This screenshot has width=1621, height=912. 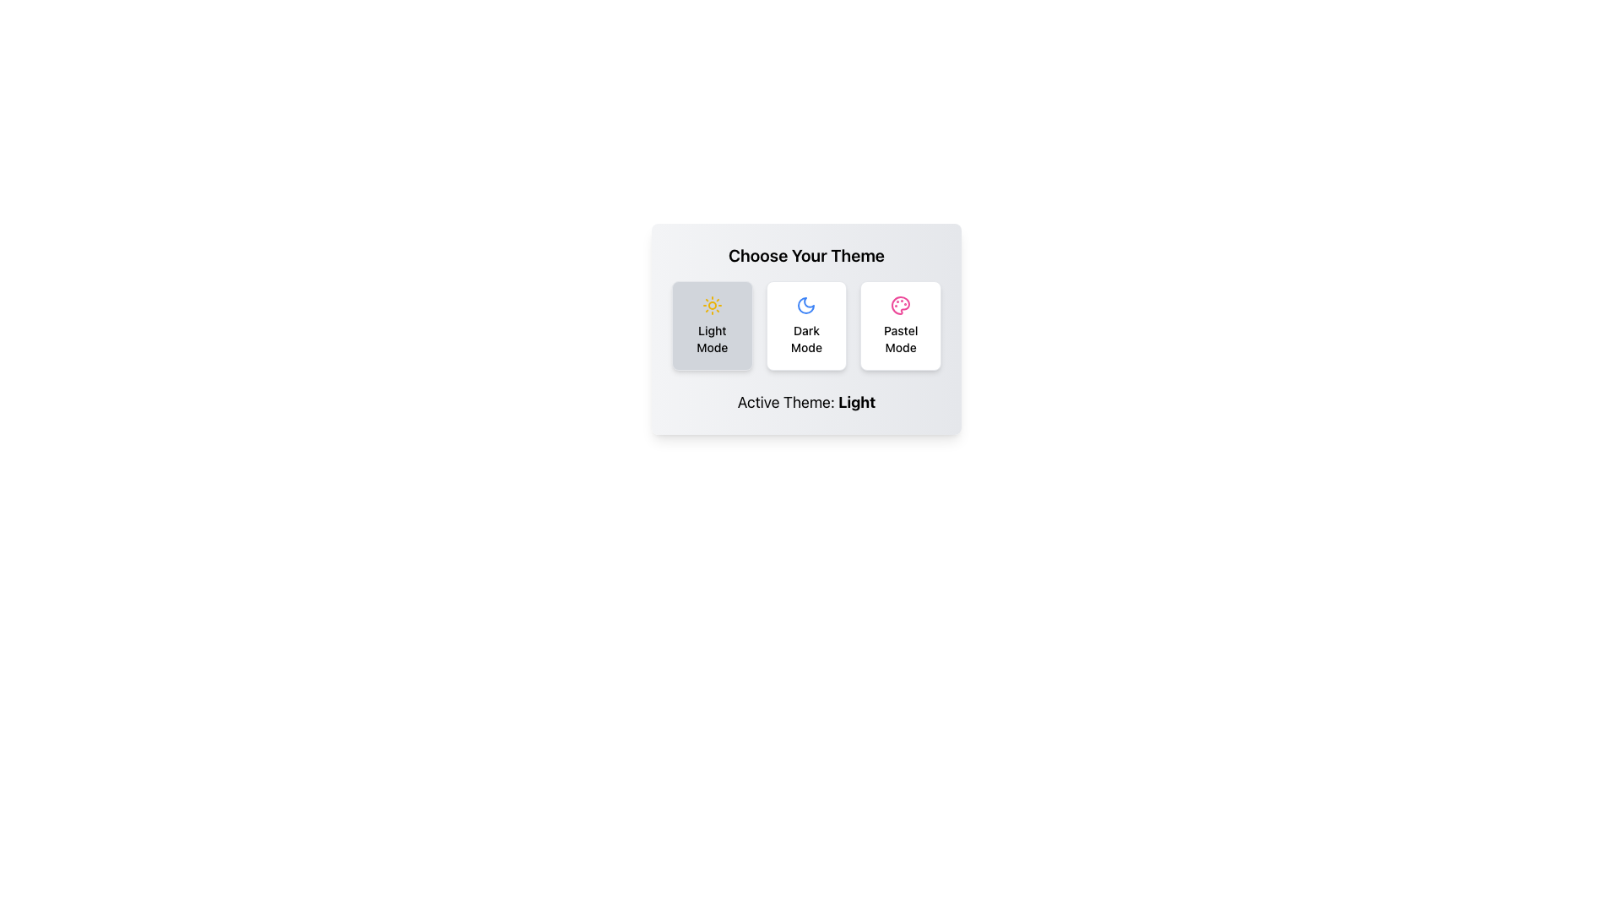 I want to click on the pink-colored palette-shaped icon located at the top center of the 'Pastel Mode' card, above the text 'Pastel Mode', so click(x=900, y=306).